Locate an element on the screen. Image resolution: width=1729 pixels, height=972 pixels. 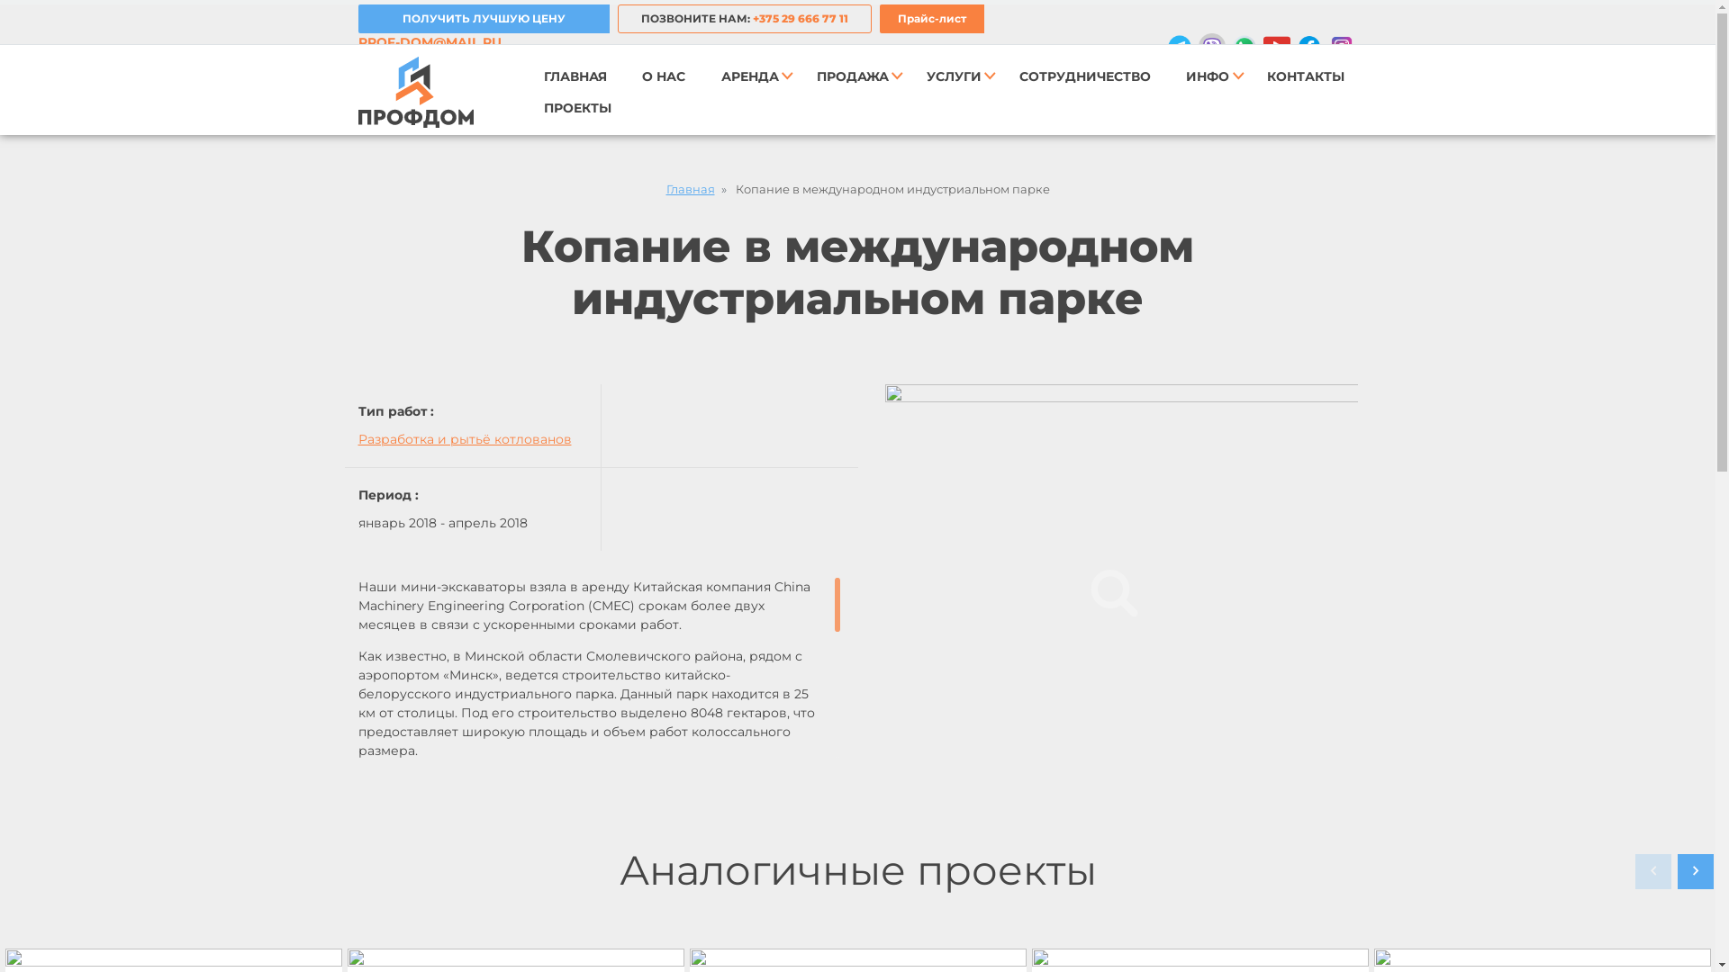
'+375 29 666 77 11' is located at coordinates (752, 18).